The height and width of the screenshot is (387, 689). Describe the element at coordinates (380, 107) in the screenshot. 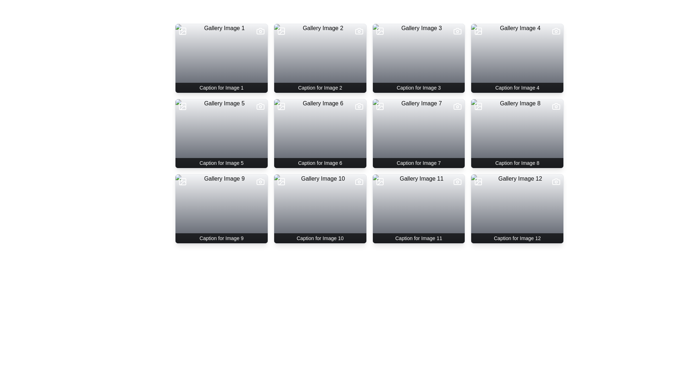

I see `the decorative vector graphical component that is part of the icon in the upper-left corner of the seventh gallery image` at that location.